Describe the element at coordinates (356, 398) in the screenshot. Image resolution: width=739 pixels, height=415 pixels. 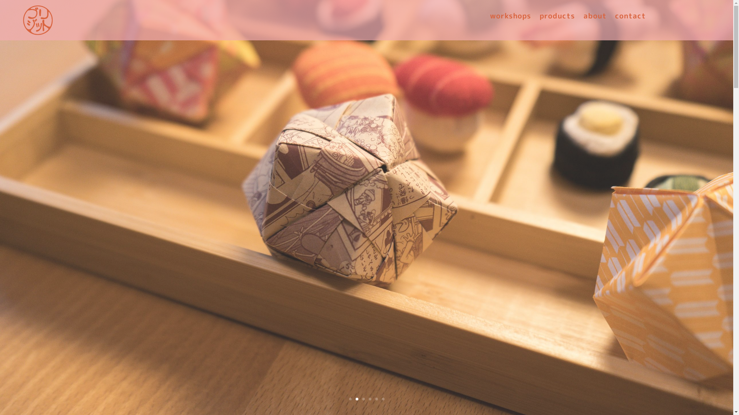
I see `'2'` at that location.